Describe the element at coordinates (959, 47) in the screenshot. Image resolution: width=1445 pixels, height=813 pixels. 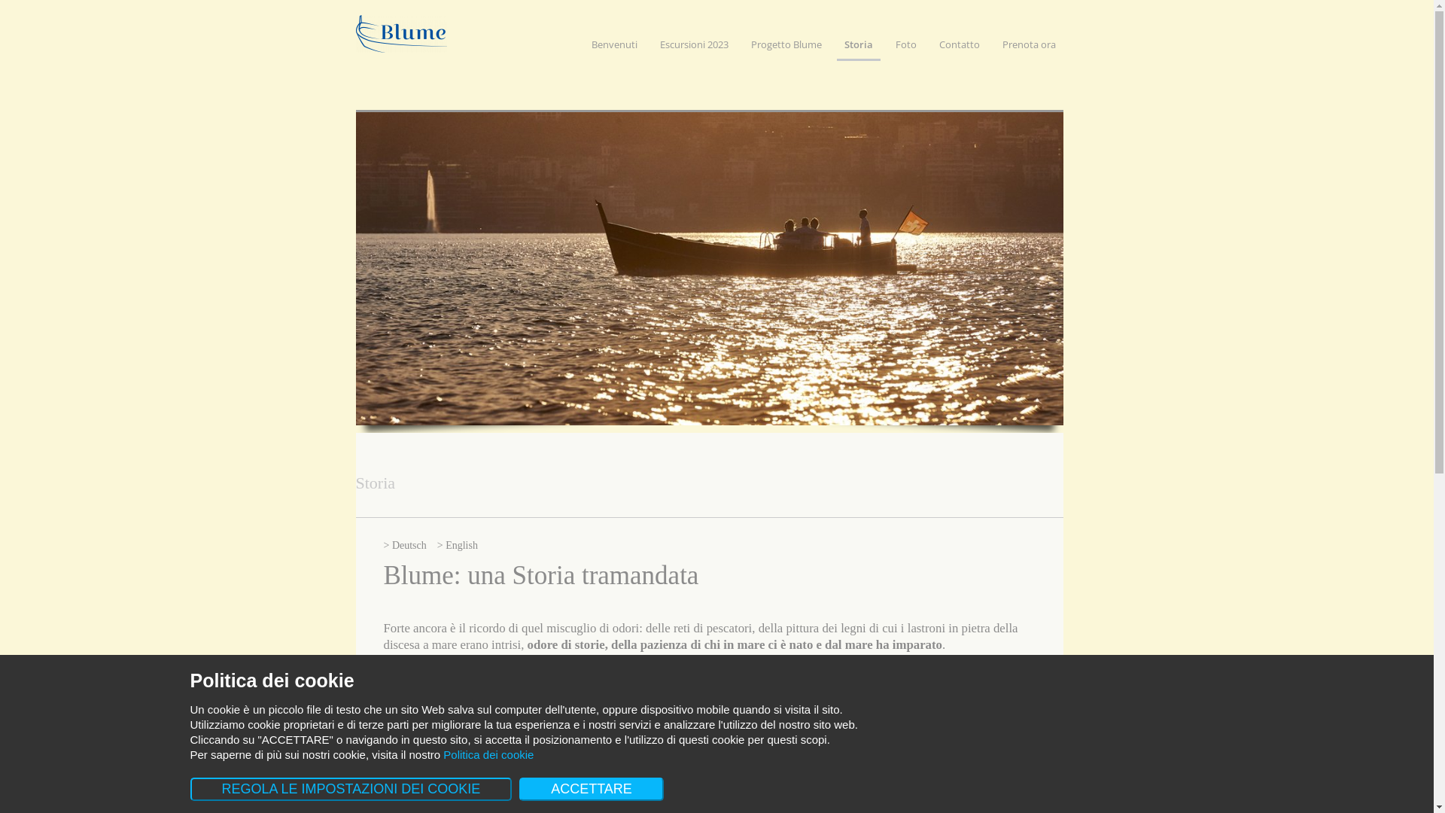
I see `'Contatto'` at that location.